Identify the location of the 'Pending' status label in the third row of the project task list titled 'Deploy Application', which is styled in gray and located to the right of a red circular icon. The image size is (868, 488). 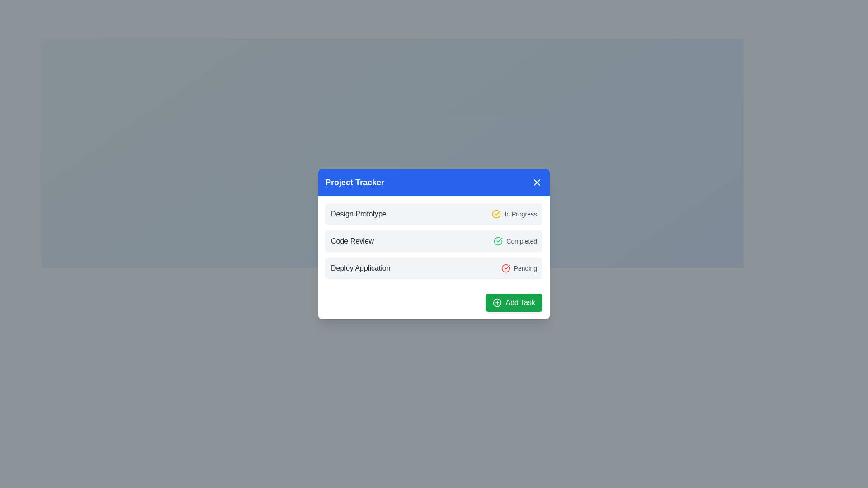
(525, 268).